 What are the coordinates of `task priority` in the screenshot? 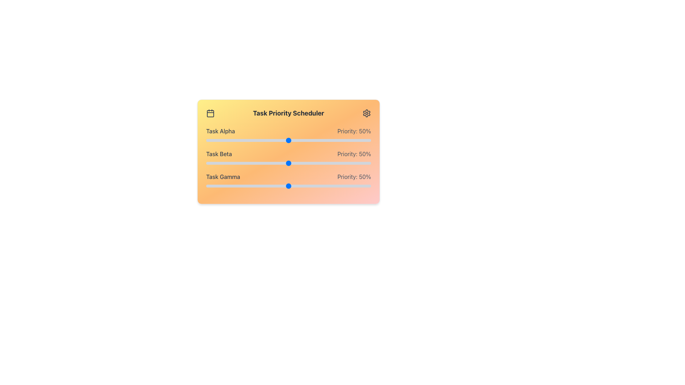 It's located at (353, 185).